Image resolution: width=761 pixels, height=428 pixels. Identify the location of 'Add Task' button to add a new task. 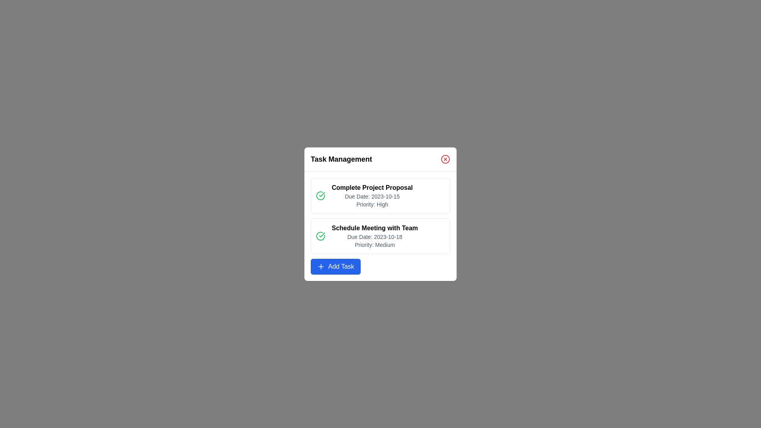
(335, 266).